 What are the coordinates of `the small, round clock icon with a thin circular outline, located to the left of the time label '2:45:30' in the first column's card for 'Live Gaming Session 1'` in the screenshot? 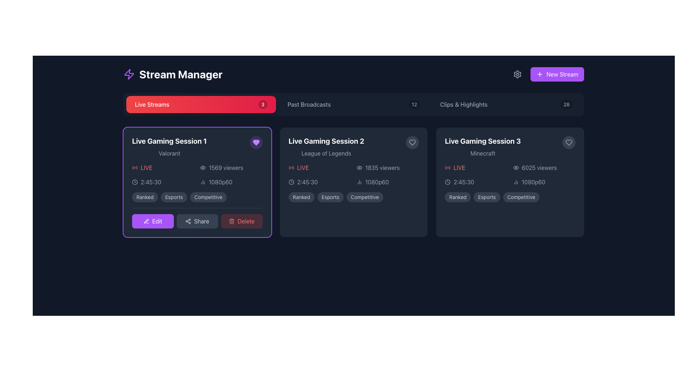 It's located at (291, 181).